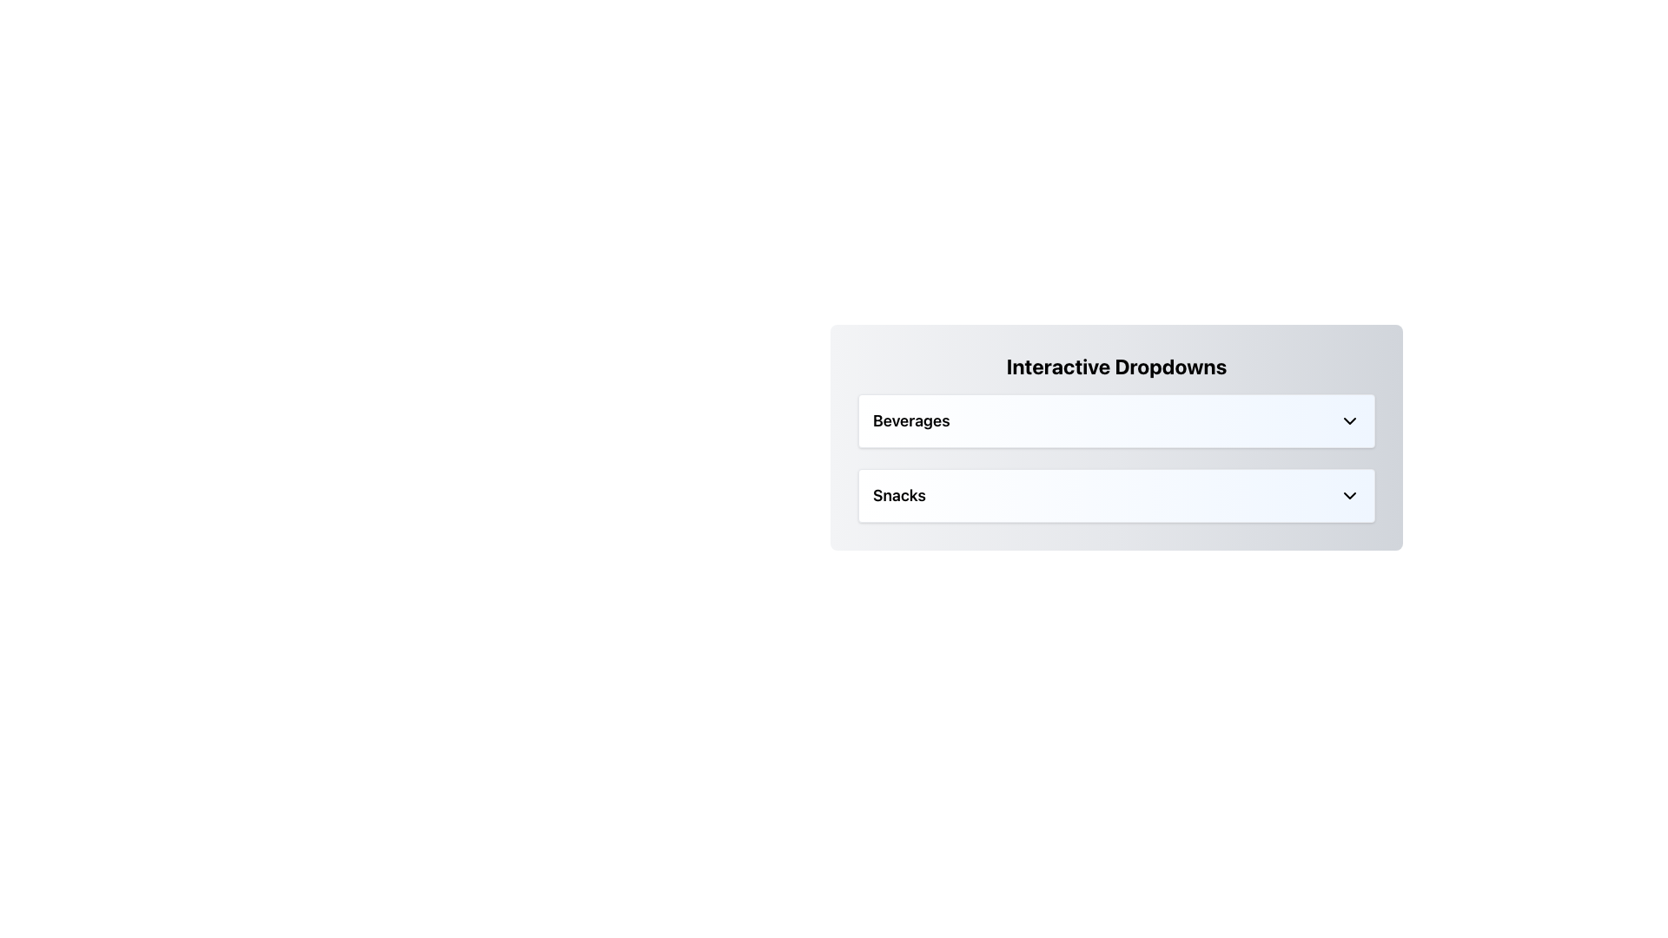  Describe the element at coordinates (1116, 495) in the screenshot. I see `the dropdown trigger element labeled 'Snacks', which is styled with a white-to-blue gradient background and is located below the title 'Interactive Dropdowns'` at that location.